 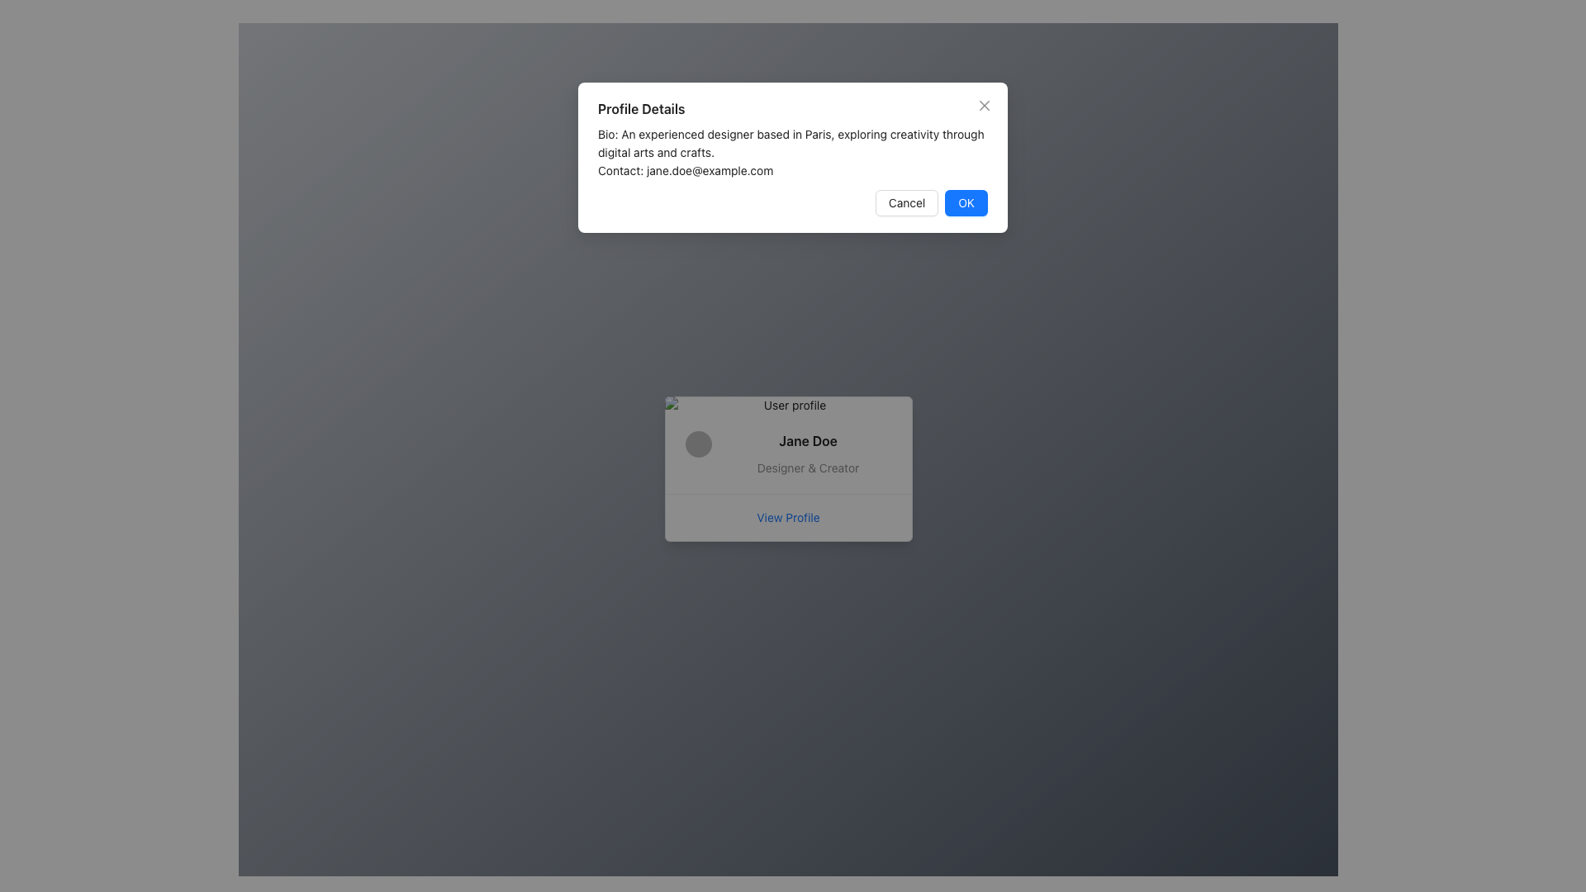 What do you see at coordinates (787, 516) in the screenshot?
I see `the Link Button located at the bottom center of the 'User profile' card for Jane Doe` at bounding box center [787, 516].